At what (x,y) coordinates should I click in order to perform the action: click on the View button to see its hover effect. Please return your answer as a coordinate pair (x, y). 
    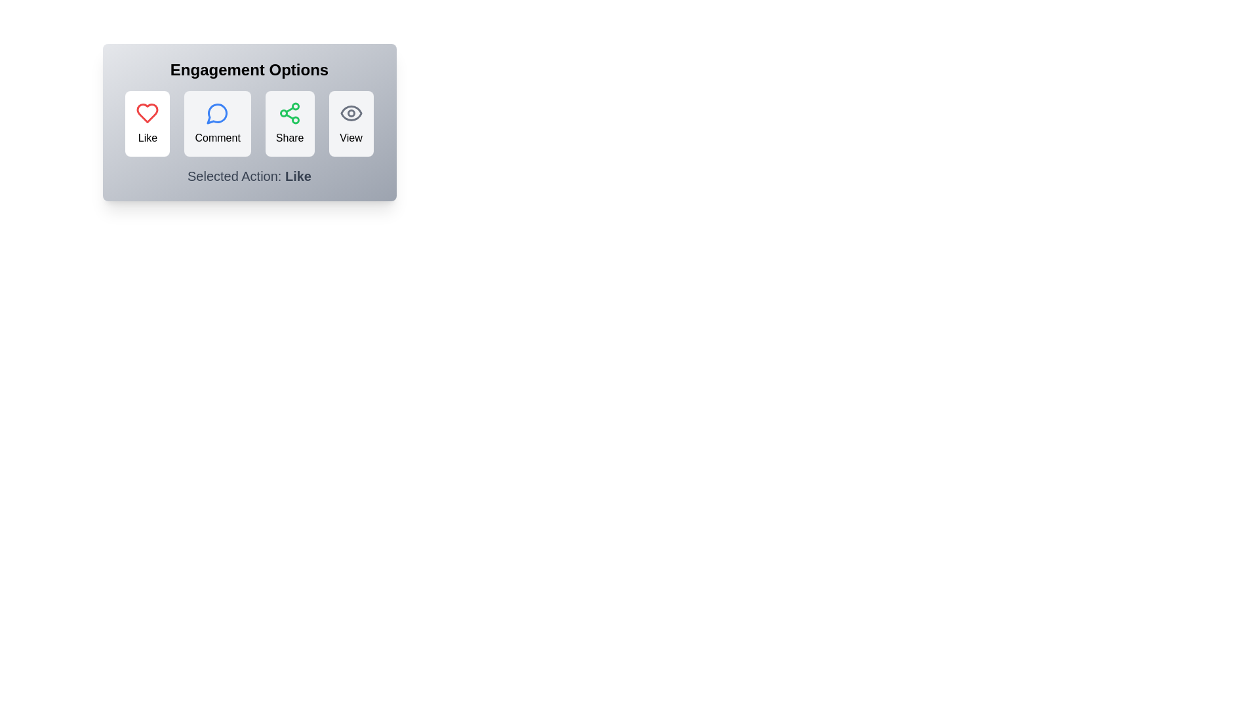
    Looking at the image, I should click on (351, 124).